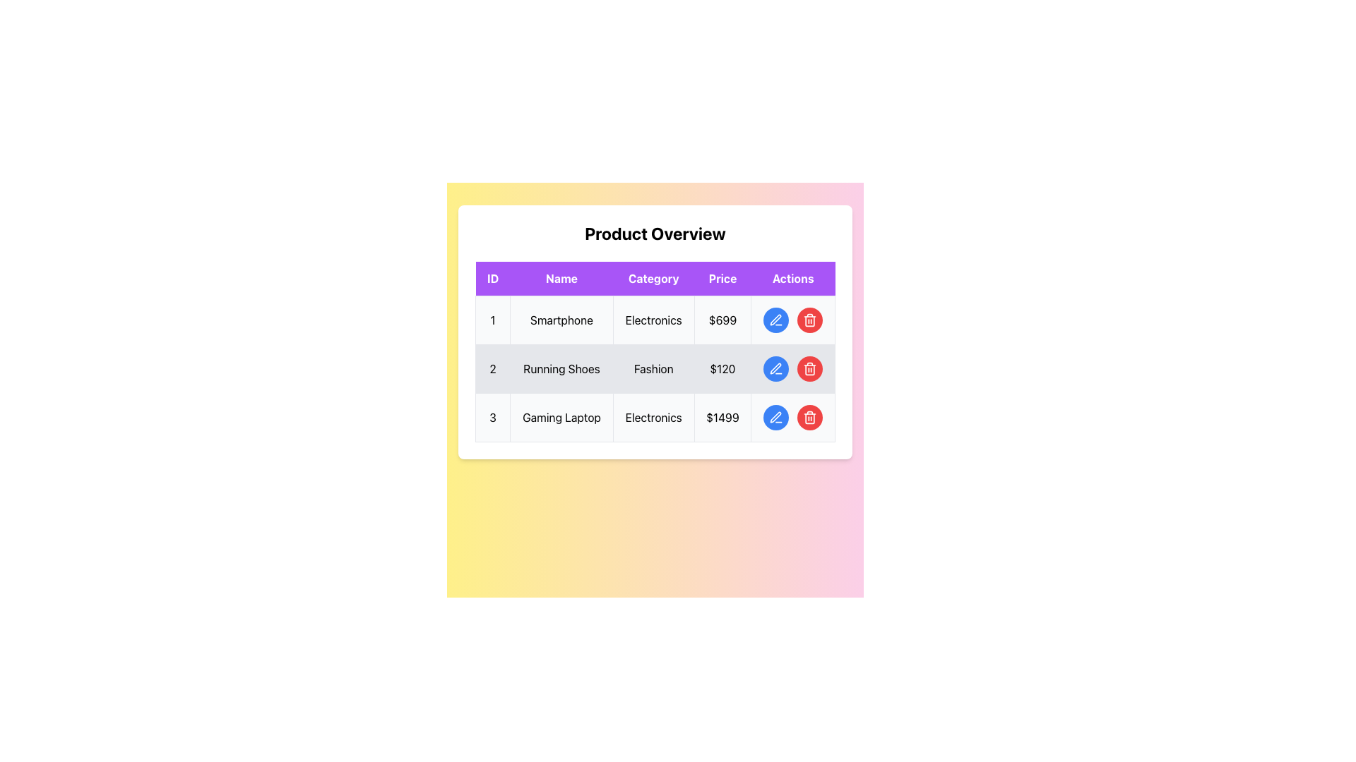 This screenshot has width=1356, height=762. Describe the element at coordinates (493, 416) in the screenshot. I see `the Text label displaying the number '3' in a bold style within the first column of the third row of the table to focus on it` at that location.